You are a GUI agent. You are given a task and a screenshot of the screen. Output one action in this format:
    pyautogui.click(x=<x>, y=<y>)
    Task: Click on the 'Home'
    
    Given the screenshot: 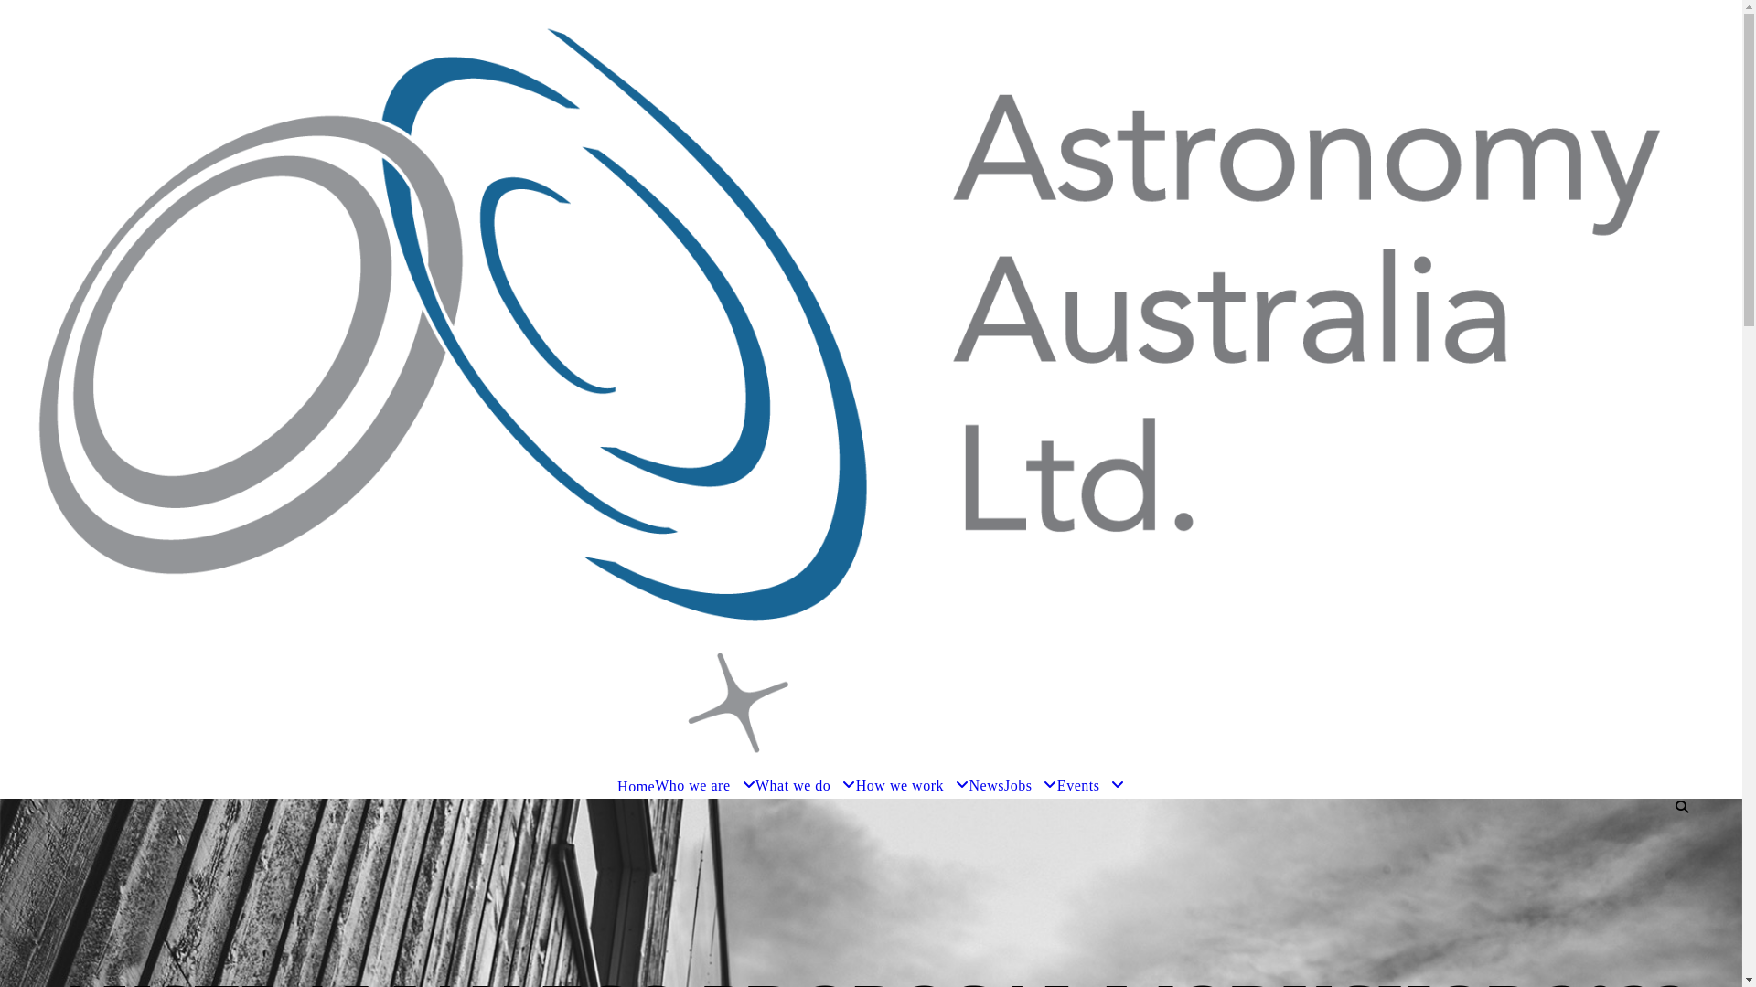 What is the action you would take?
    pyautogui.click(x=636, y=785)
    